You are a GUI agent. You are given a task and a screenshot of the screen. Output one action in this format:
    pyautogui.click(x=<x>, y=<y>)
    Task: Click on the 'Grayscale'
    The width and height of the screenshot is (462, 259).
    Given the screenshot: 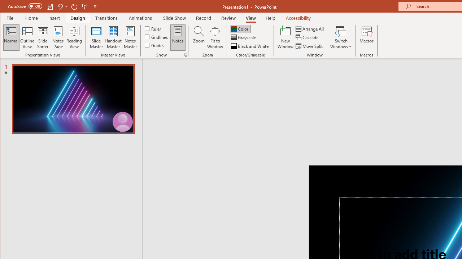 What is the action you would take?
    pyautogui.click(x=244, y=37)
    